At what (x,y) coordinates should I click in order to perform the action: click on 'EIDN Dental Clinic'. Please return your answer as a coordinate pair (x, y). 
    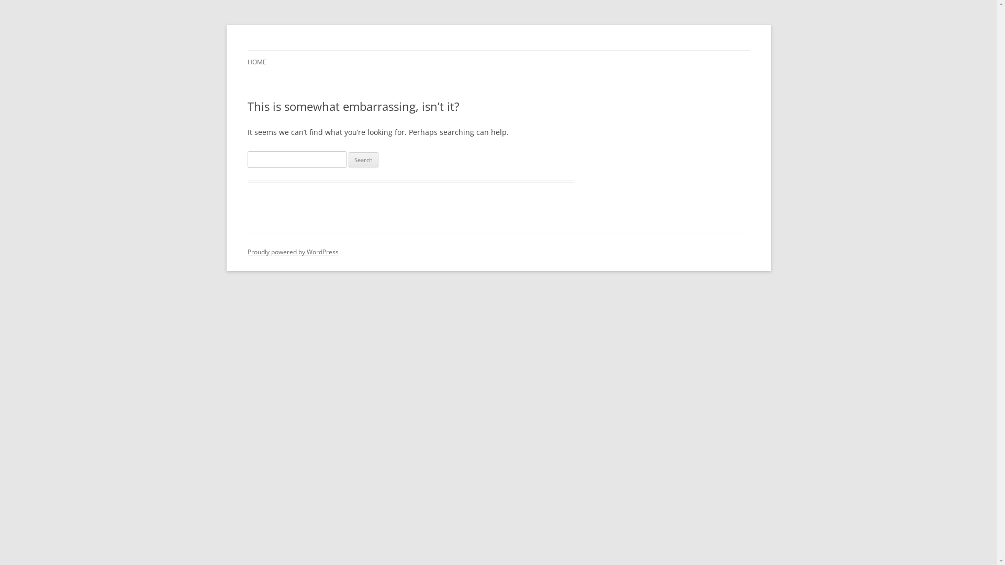
    Looking at the image, I should click on (306, 50).